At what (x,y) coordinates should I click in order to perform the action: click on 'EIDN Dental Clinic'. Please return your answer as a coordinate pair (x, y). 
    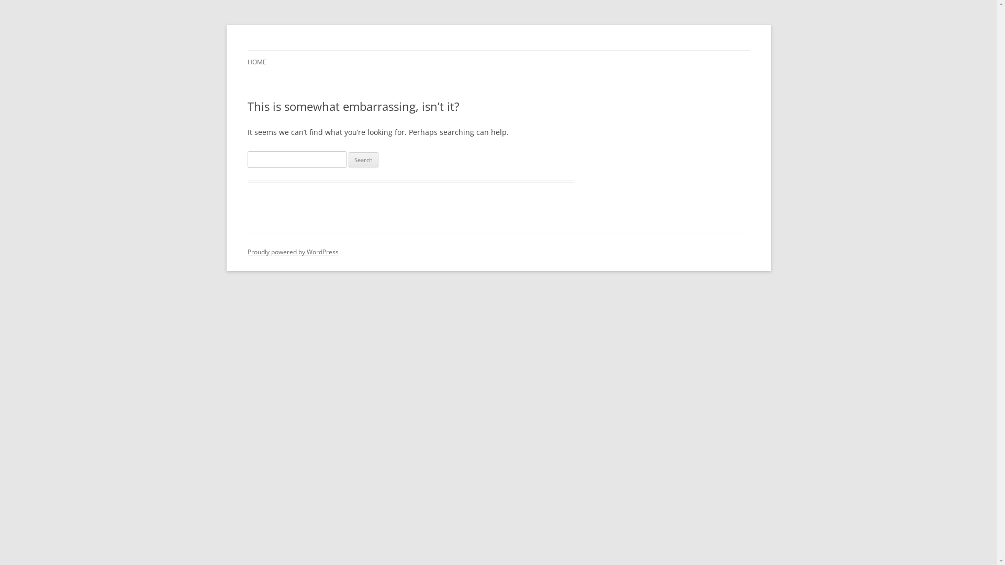
    Looking at the image, I should click on (306, 50).